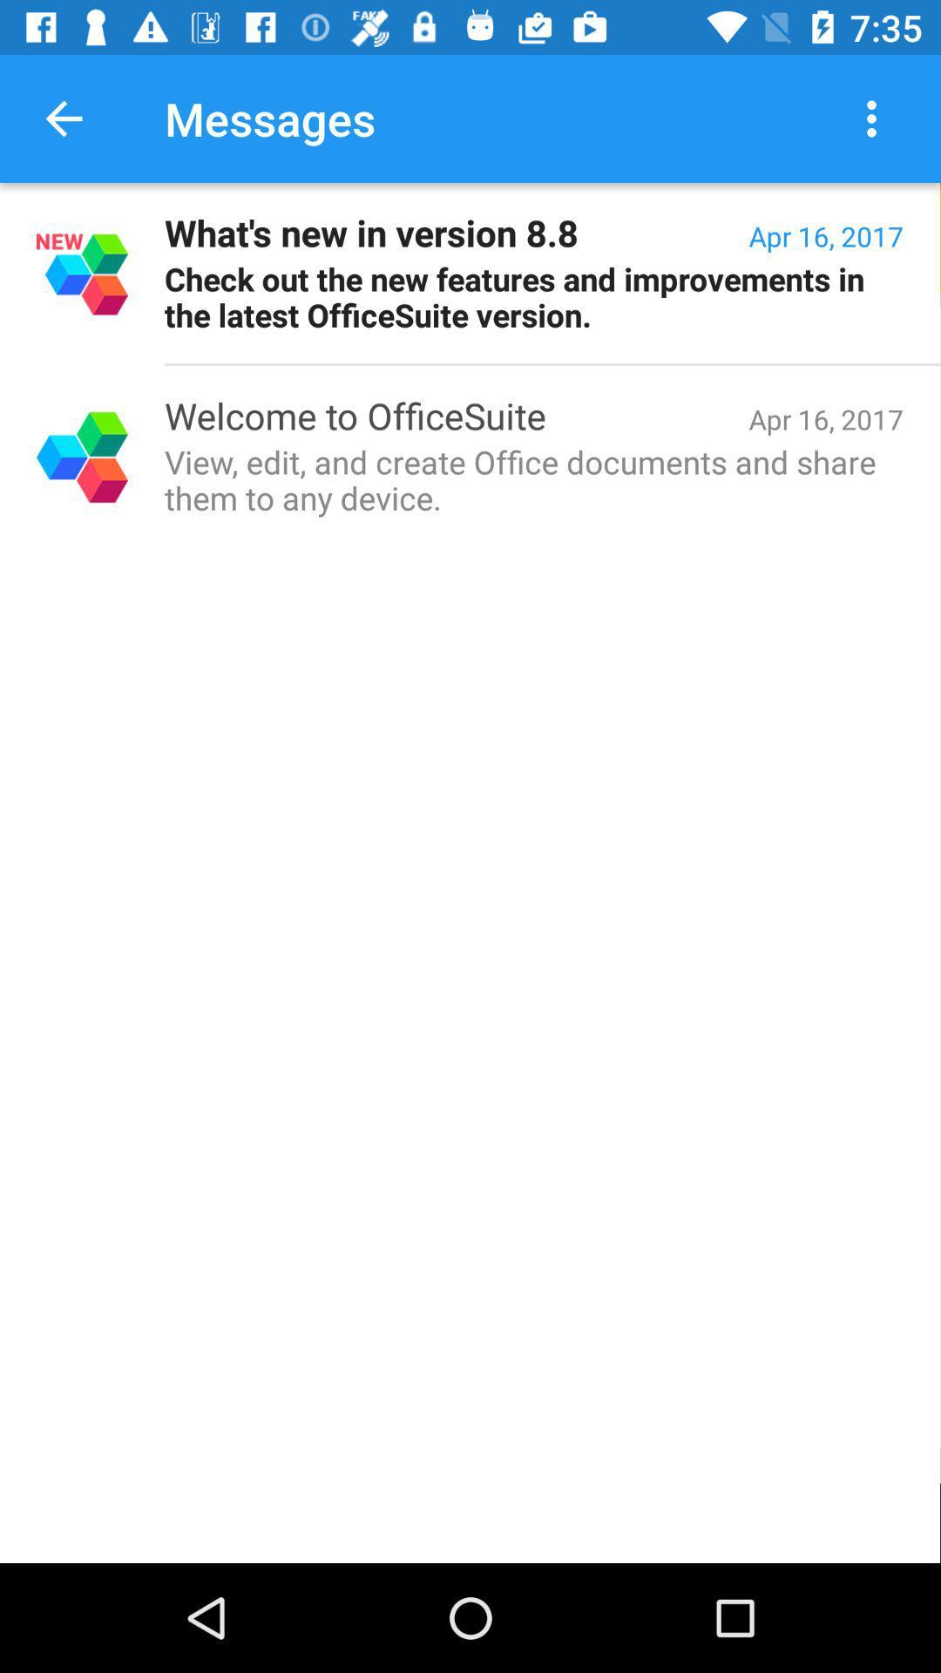  What do you see at coordinates (876, 118) in the screenshot?
I see `the item above apr 16, 2017` at bounding box center [876, 118].